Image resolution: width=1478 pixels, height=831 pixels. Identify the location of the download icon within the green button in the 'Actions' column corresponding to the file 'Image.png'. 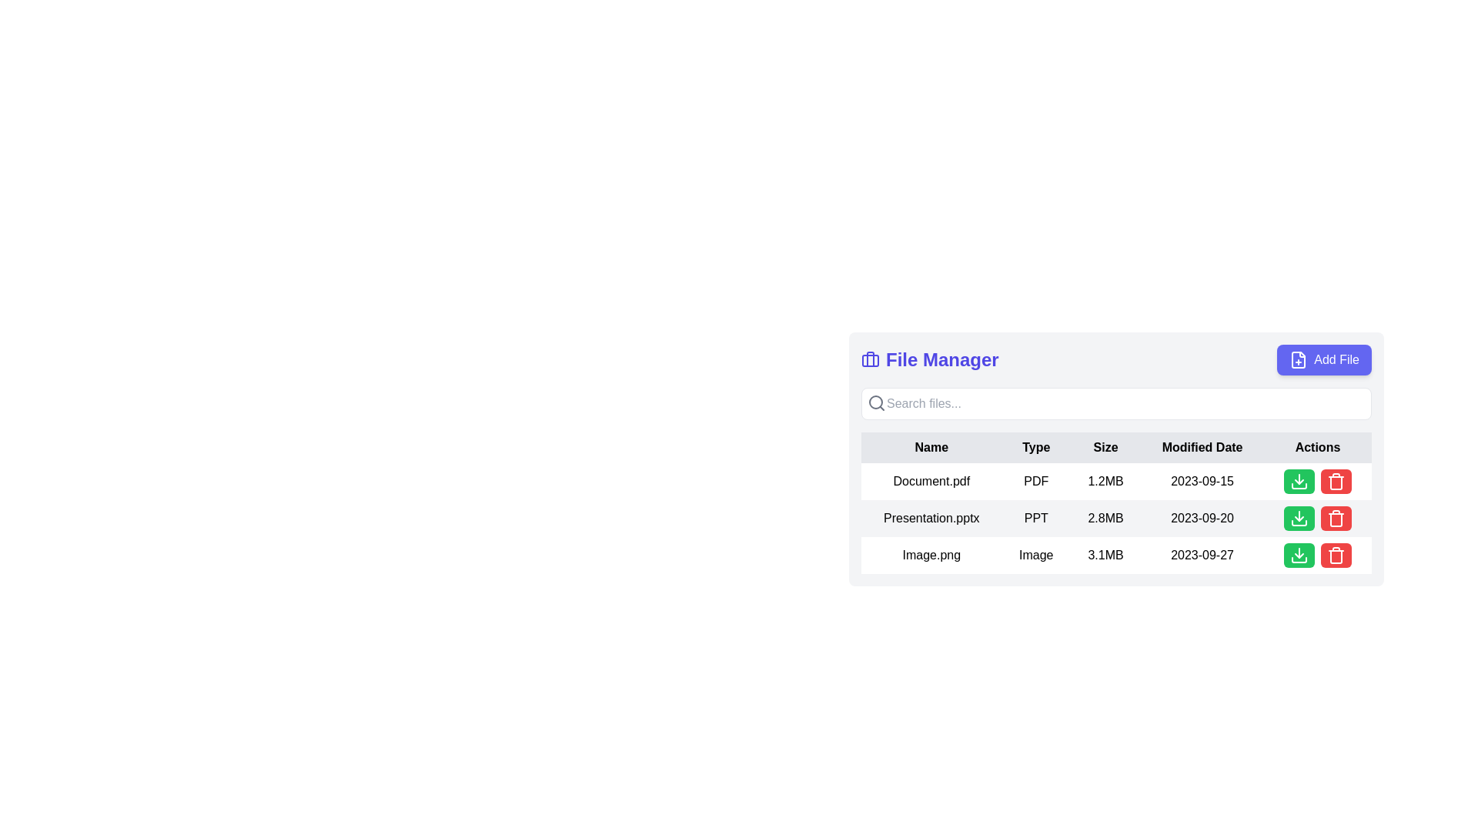
(1299, 480).